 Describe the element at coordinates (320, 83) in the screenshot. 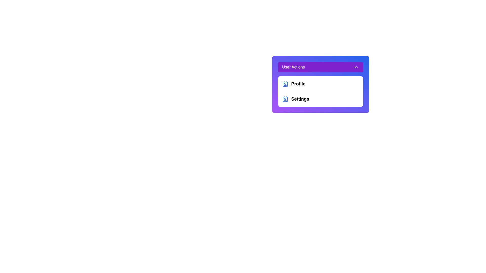

I see `the 'Profile' list item, which is the first item in the user actions list` at that location.